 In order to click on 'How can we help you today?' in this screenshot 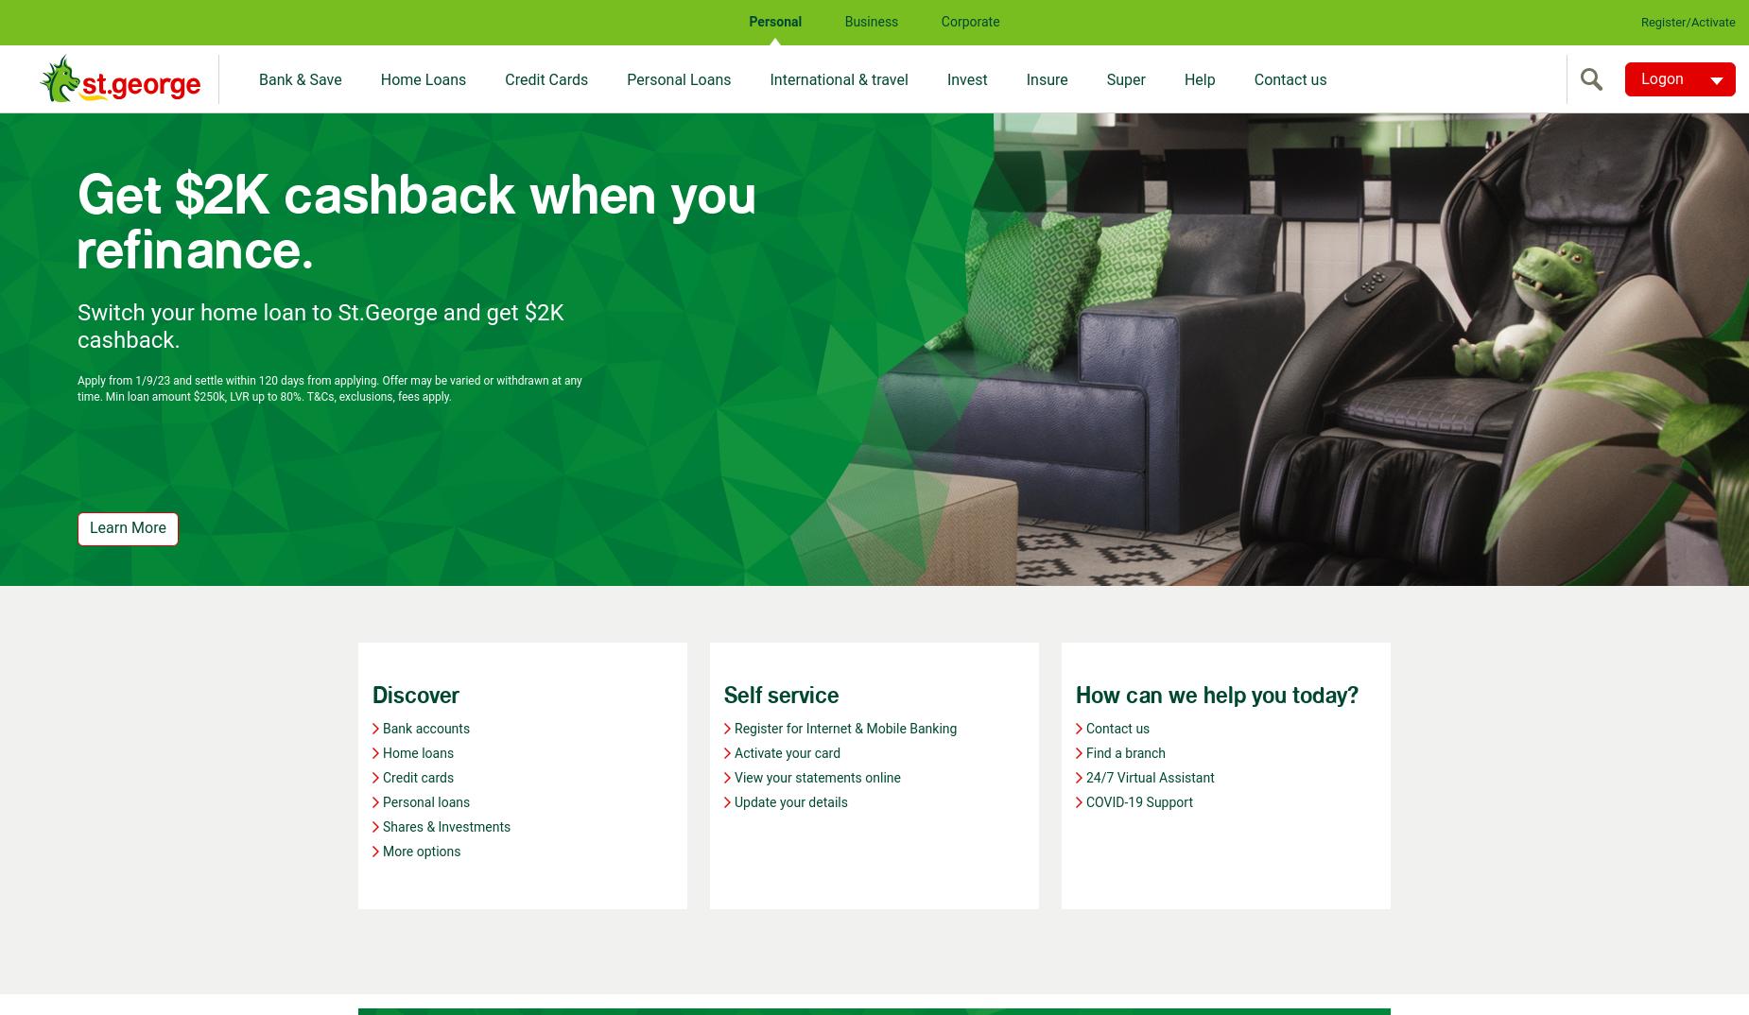, I will do `click(1216, 696)`.